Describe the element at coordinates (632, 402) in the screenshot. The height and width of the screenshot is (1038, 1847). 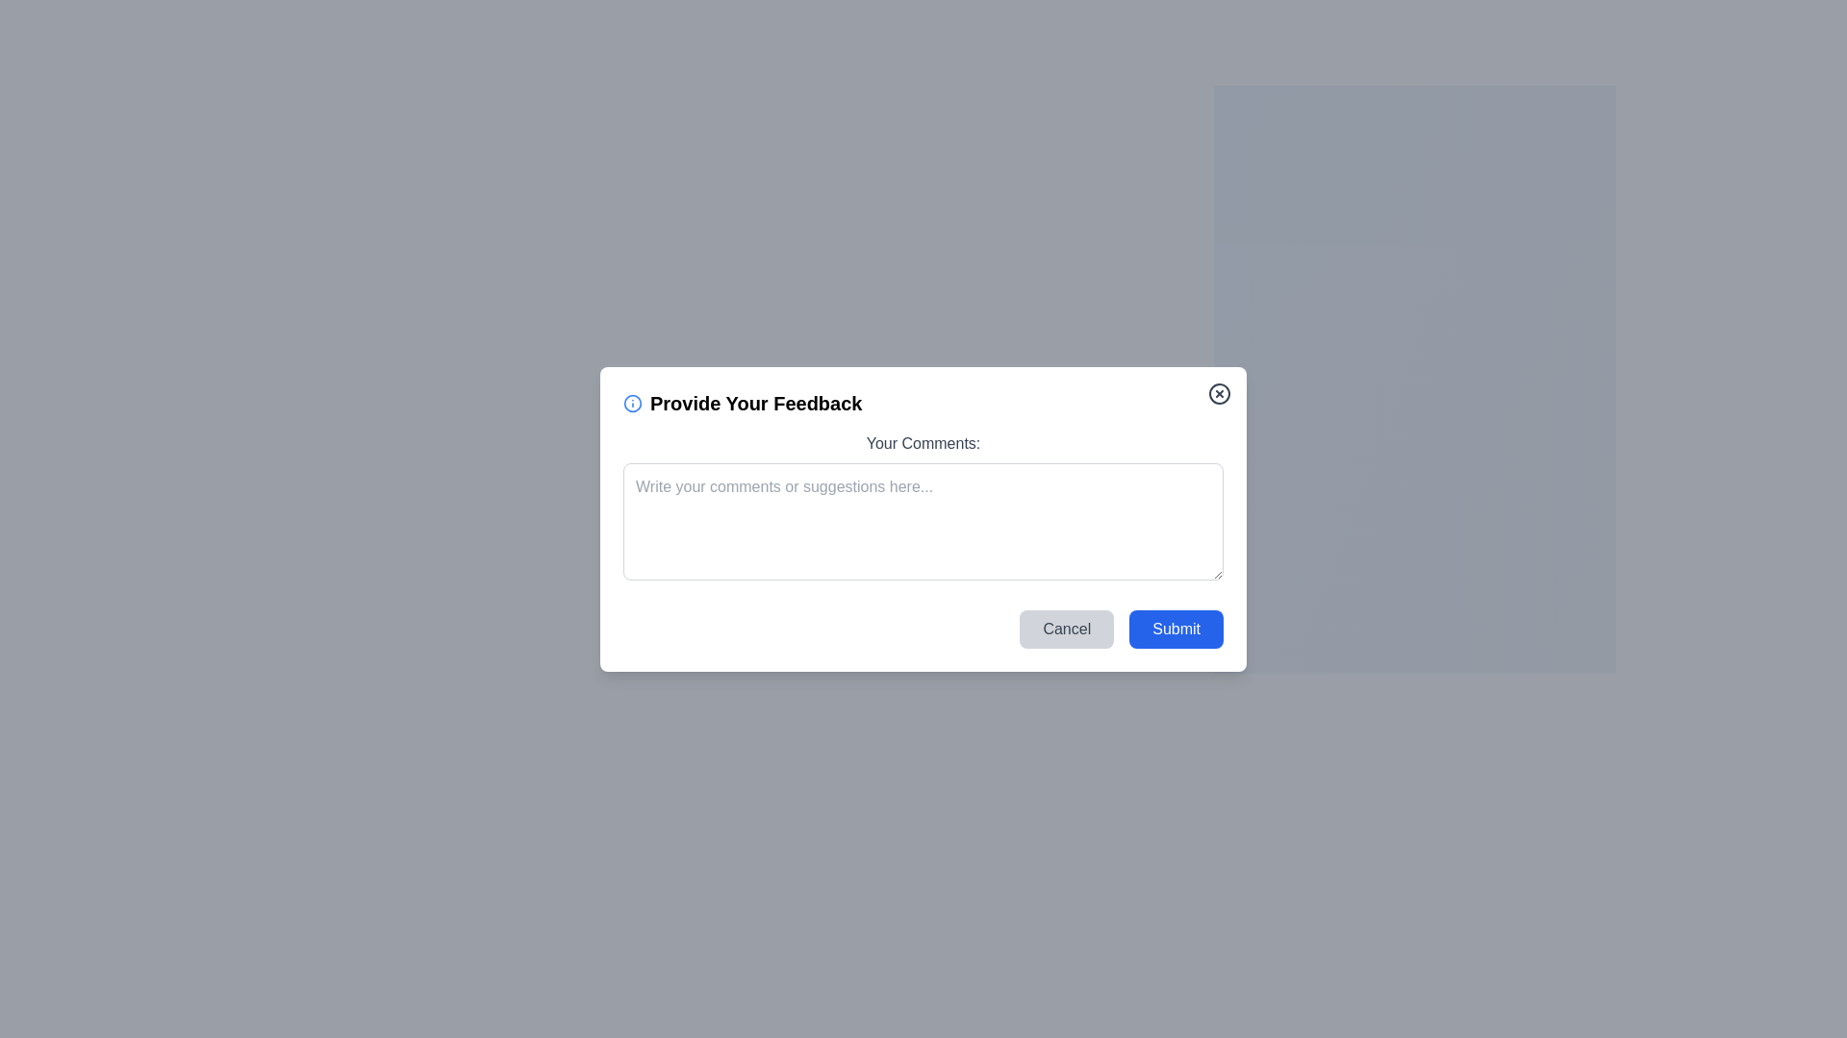
I see `the help icon located at the beginning of the header, immediately to the left of the 'Provide Your Feedback' text` at that location.